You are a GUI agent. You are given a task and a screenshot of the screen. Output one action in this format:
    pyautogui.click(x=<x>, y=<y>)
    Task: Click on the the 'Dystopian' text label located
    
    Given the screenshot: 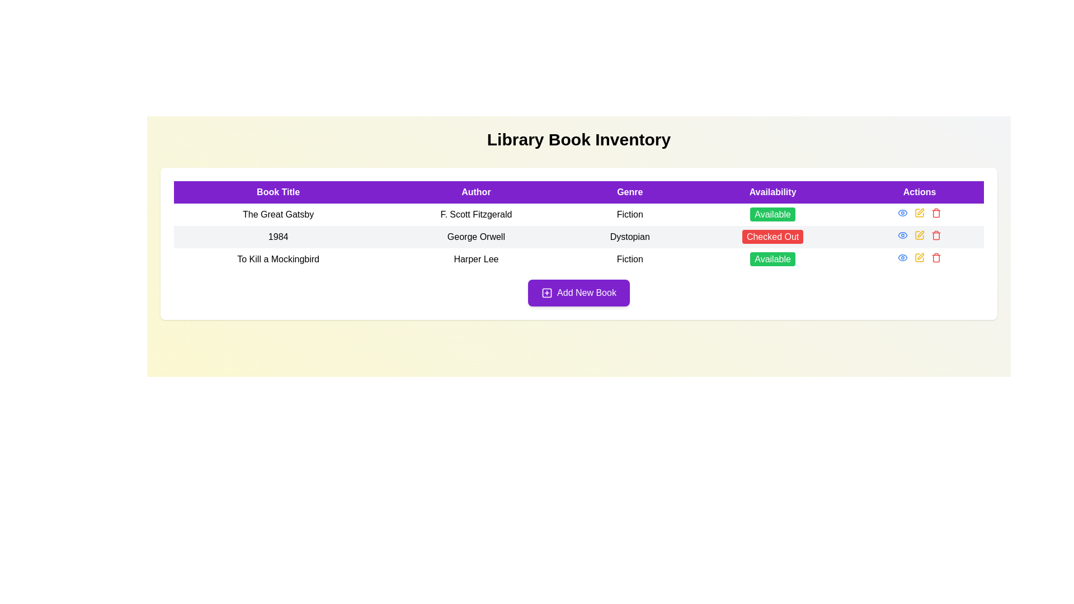 What is the action you would take?
    pyautogui.click(x=630, y=237)
    